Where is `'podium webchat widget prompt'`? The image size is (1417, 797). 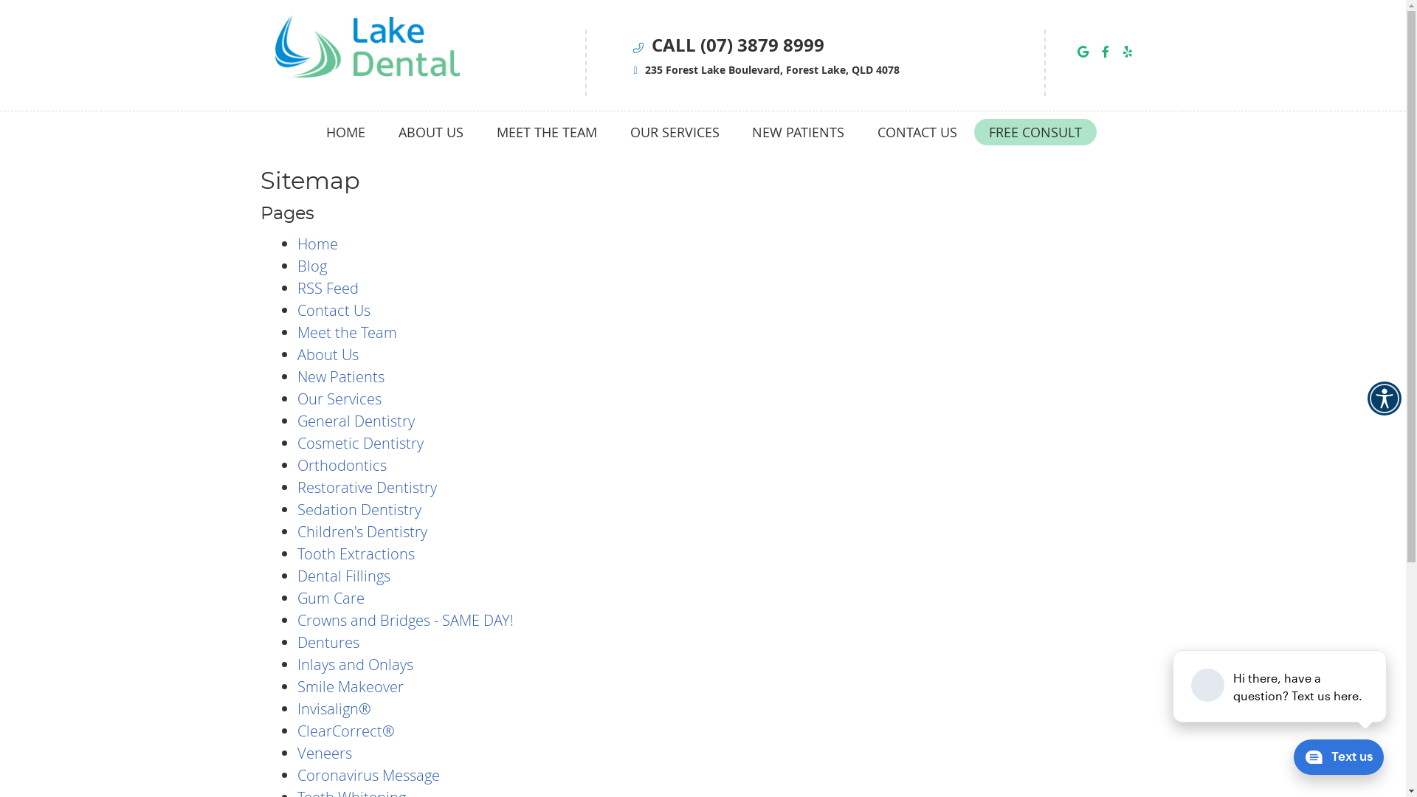 'podium webchat widget prompt' is located at coordinates (1279, 686).